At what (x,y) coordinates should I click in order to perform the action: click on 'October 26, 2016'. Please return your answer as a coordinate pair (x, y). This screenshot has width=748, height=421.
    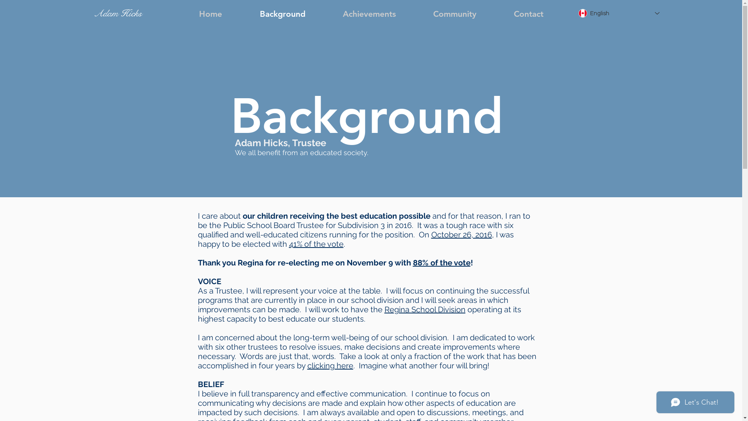
    Looking at the image, I should click on (461, 234).